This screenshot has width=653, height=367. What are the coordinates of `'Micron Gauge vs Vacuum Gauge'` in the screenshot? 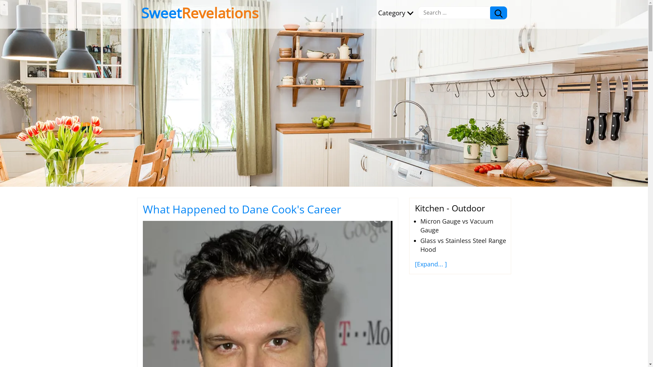 It's located at (457, 225).